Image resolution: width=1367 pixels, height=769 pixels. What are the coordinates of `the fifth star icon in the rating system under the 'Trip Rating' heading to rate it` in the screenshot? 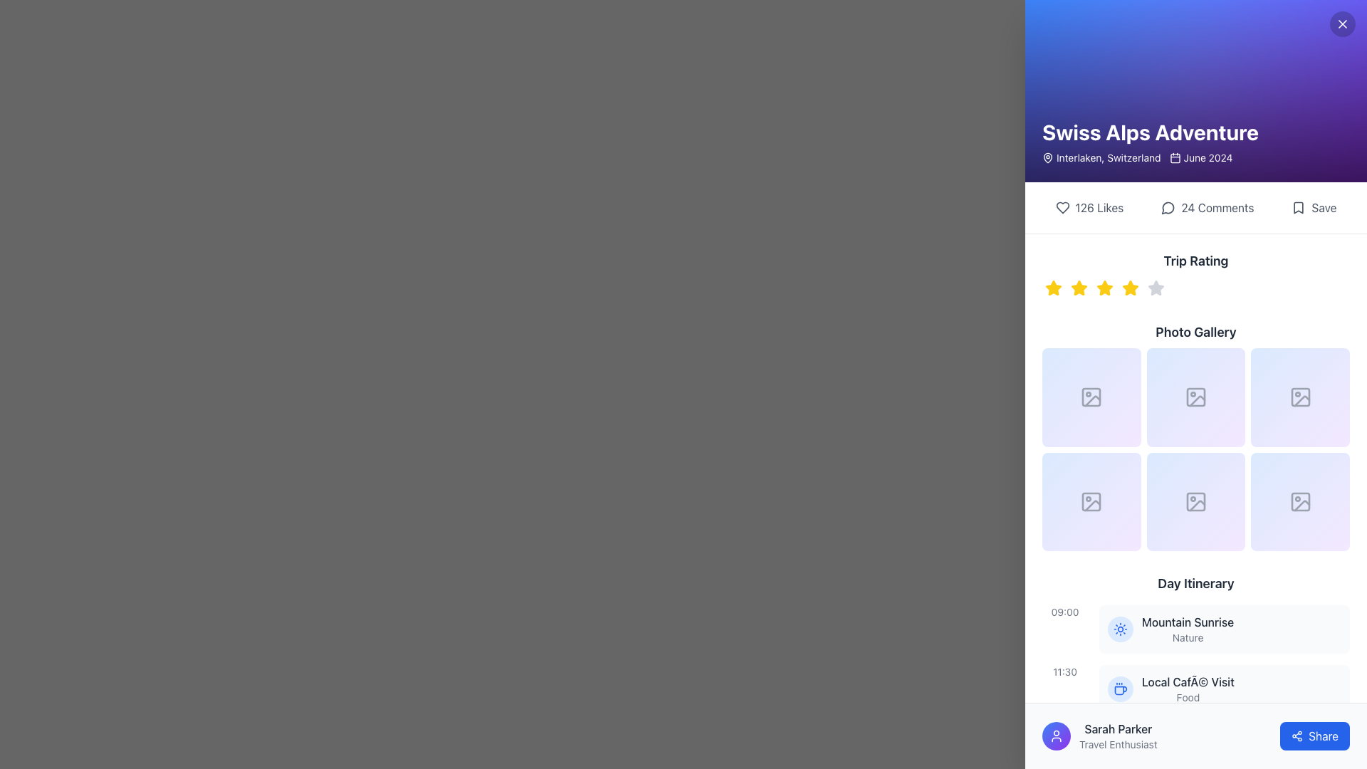 It's located at (1156, 288).